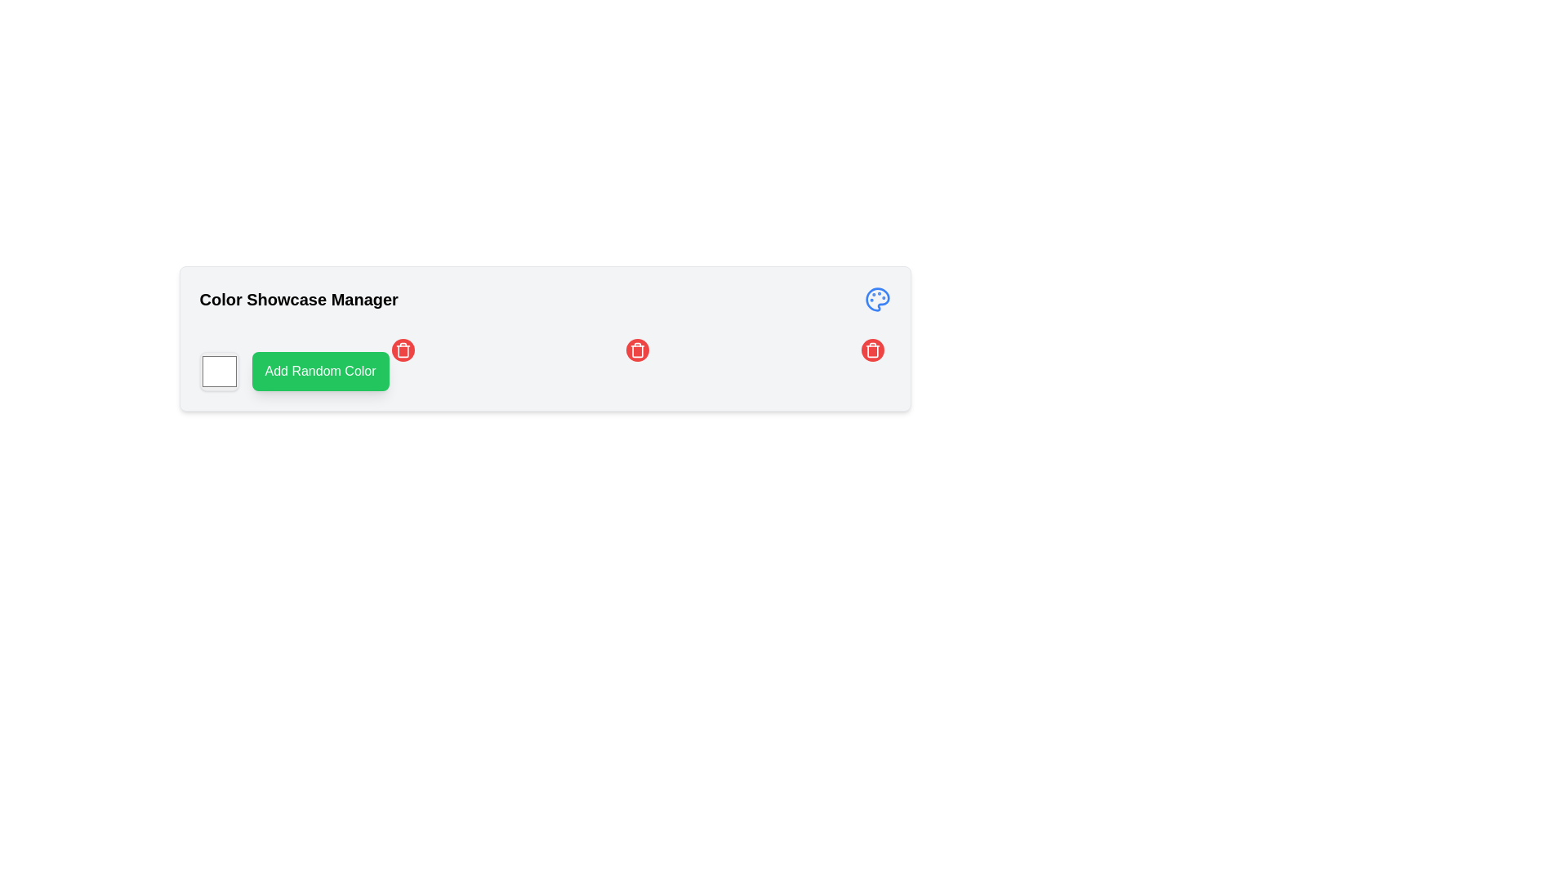  I want to click on the delete button located in the 'Color Showcase Manager' section, positioned to the right of the 'Add Random Color' button, so click(403, 349).